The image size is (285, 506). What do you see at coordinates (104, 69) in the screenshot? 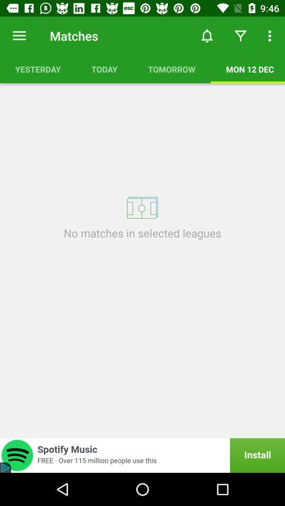
I see `today icon` at bounding box center [104, 69].